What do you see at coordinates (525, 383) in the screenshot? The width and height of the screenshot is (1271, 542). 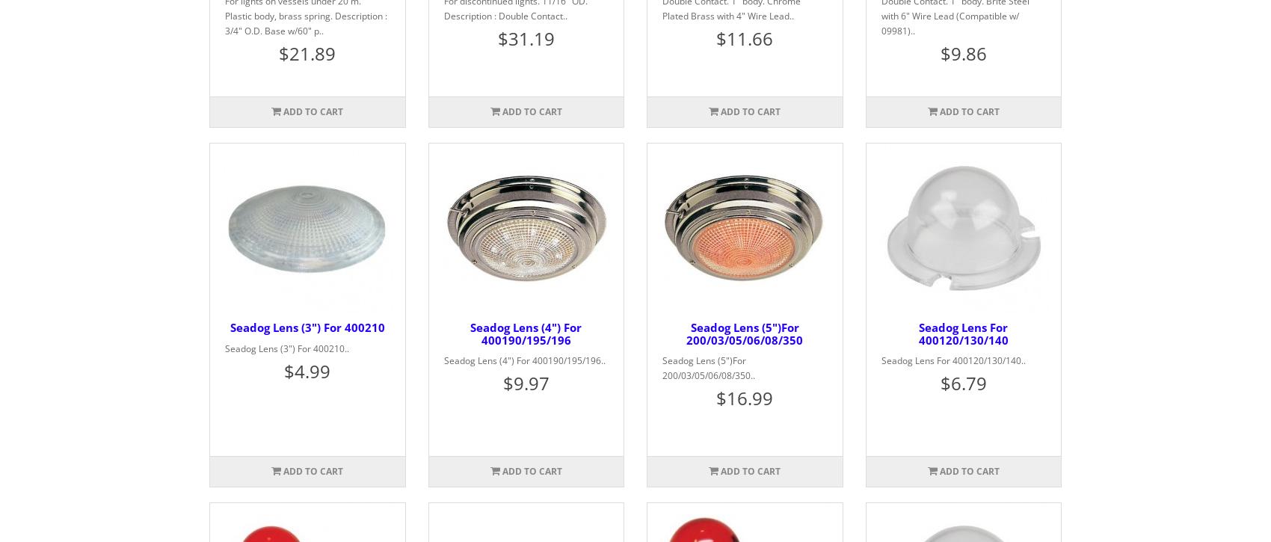 I see `'$9.97'` at bounding box center [525, 383].